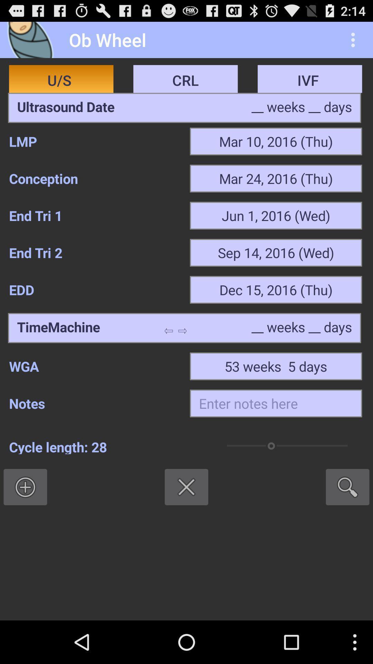  I want to click on lmp, so click(95, 141).